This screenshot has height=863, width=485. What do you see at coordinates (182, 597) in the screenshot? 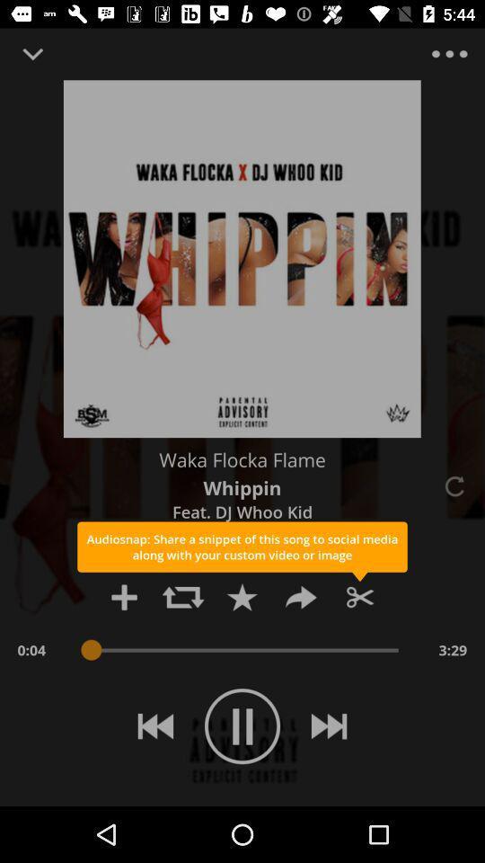
I see `the repeat icon` at bounding box center [182, 597].